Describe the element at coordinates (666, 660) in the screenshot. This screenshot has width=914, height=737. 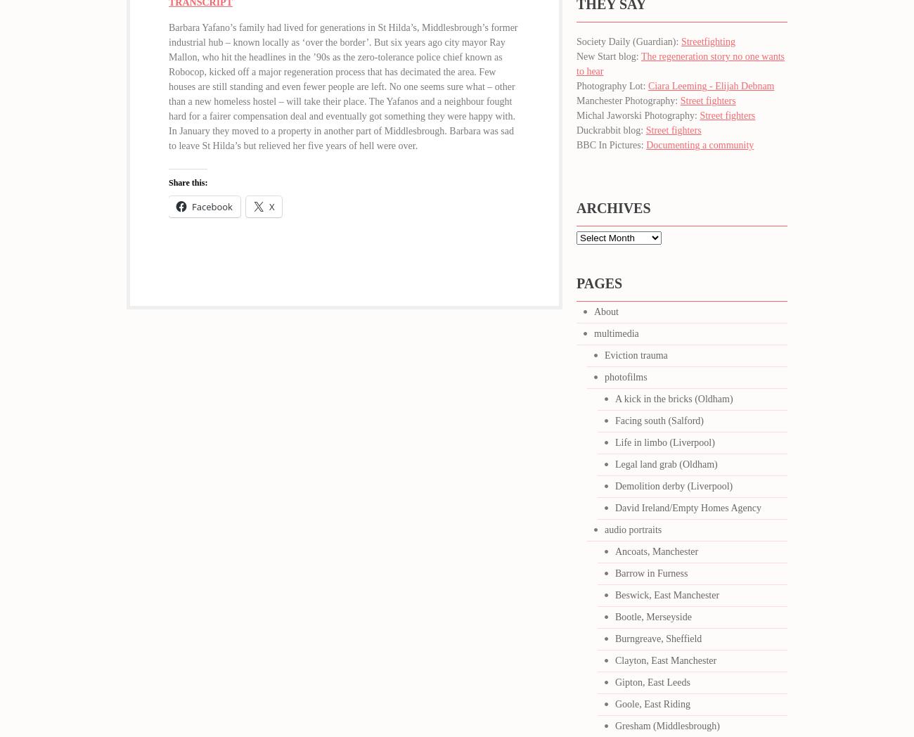
I see `'Clayton, East Manchester'` at that location.